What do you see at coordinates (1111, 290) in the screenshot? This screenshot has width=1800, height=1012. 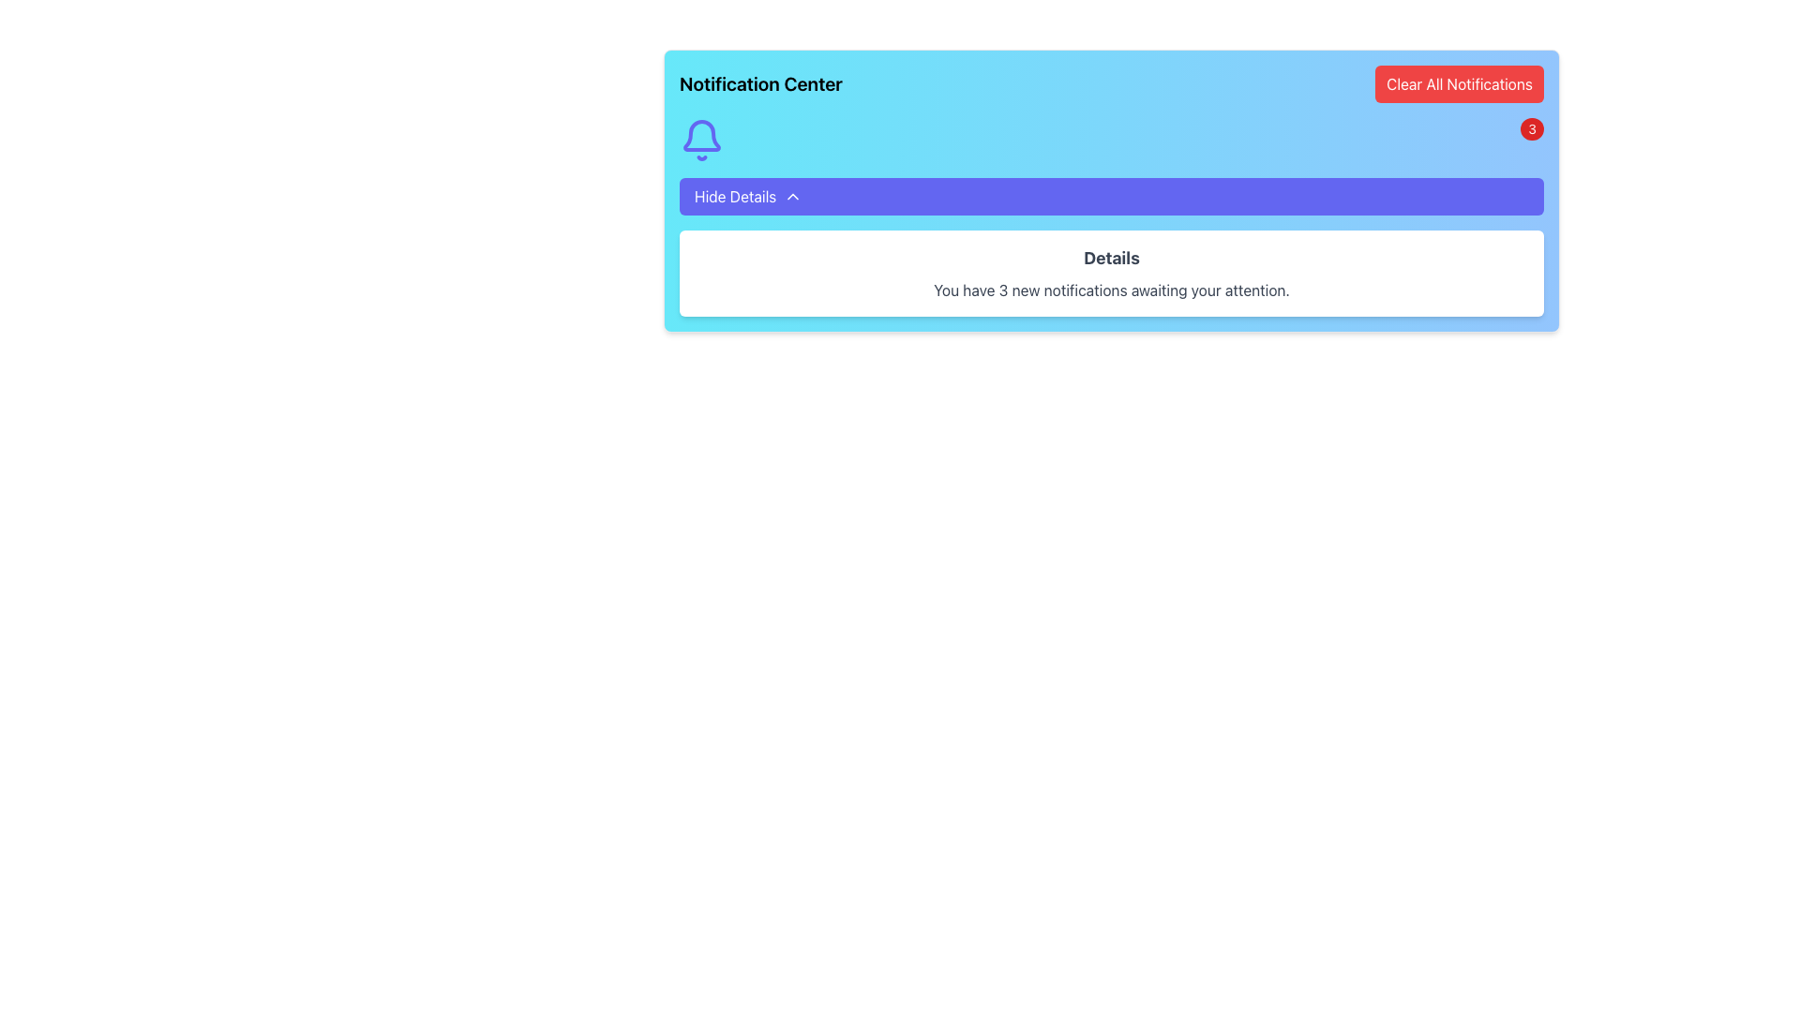 I see `the text element displaying 'You have 3 new notifications awaiting your attention.' which is located directly below the bold heading 'Details'` at bounding box center [1111, 290].